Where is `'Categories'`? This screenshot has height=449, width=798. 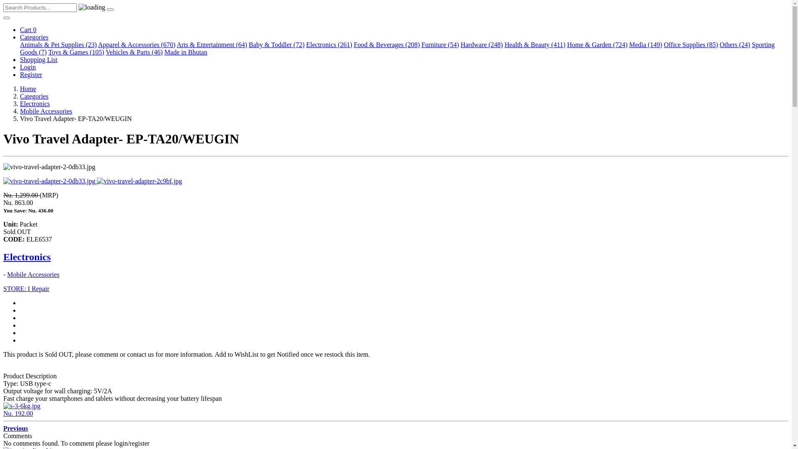 'Categories' is located at coordinates (20, 96).